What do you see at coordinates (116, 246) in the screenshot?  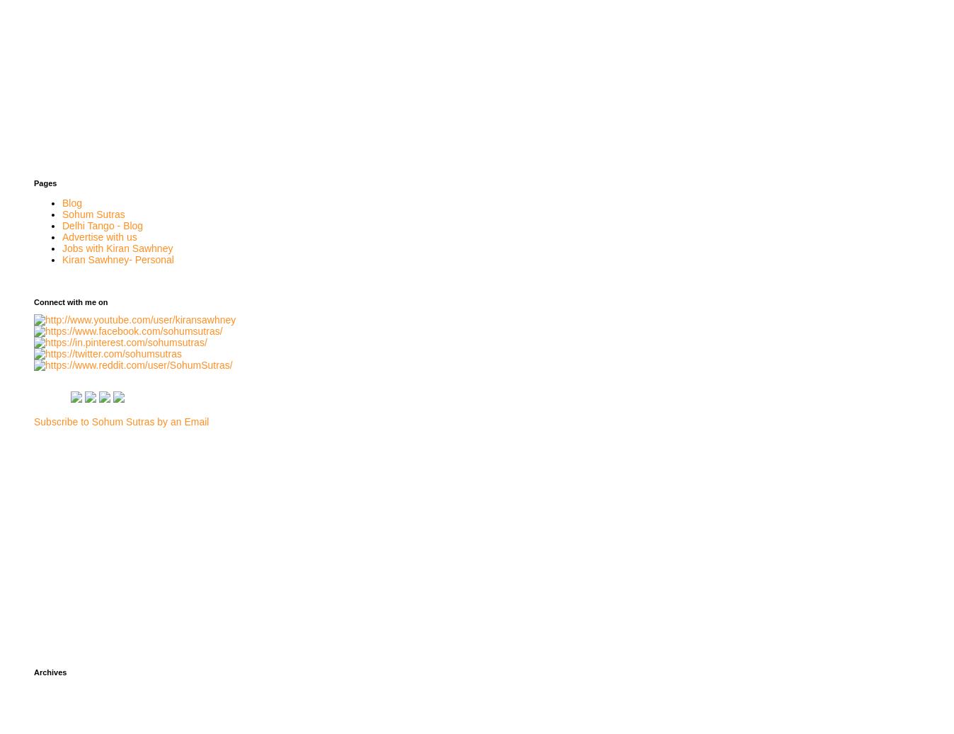 I see `'Jobs with Kiran Sawhney'` at bounding box center [116, 246].